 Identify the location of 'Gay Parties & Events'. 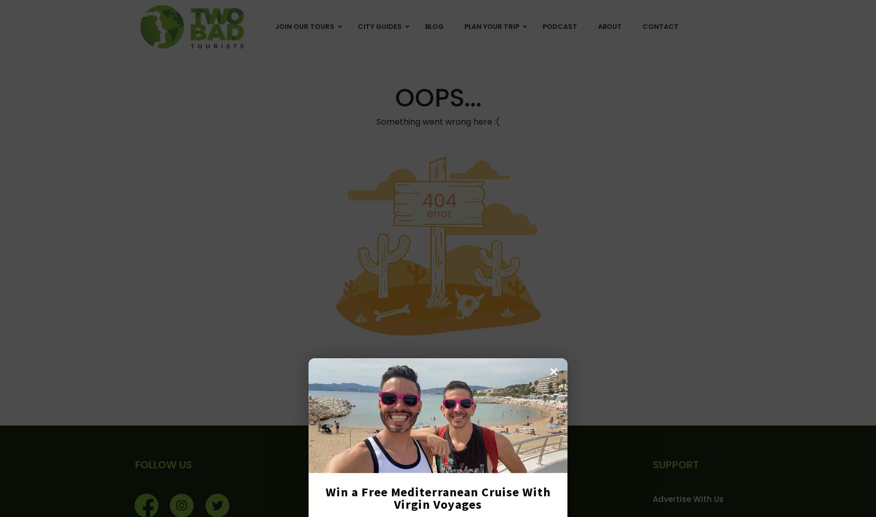
(502, 131).